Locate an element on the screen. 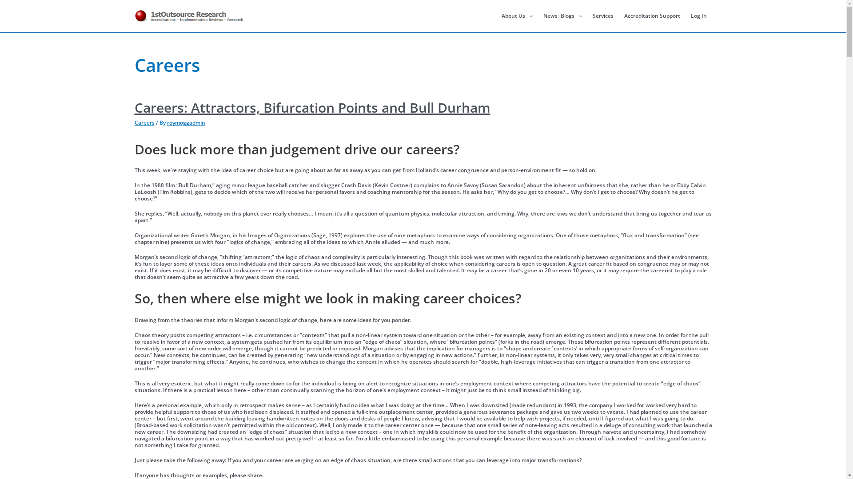 This screenshot has height=479, width=853. 'Careers' is located at coordinates (134, 122).